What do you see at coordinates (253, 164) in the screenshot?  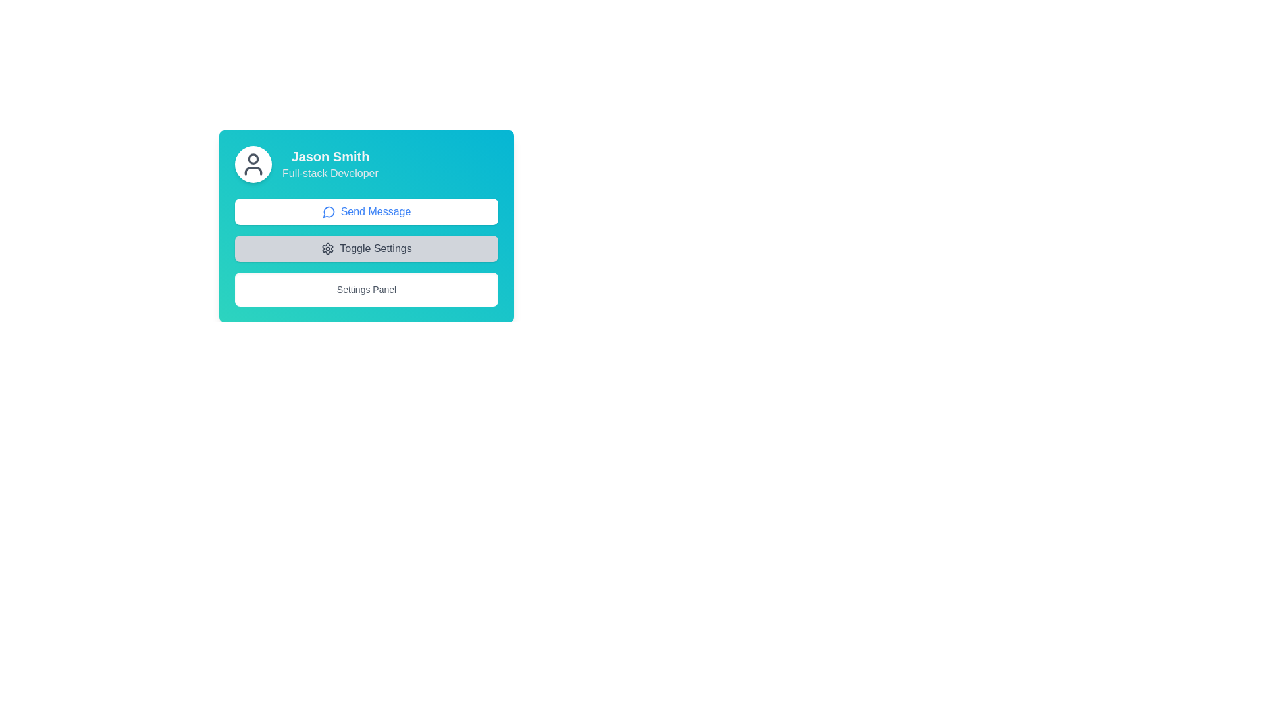 I see `the user avatar located at the top left of the component adjacent to the text 'Jason Smith Full-stack Developer'` at bounding box center [253, 164].